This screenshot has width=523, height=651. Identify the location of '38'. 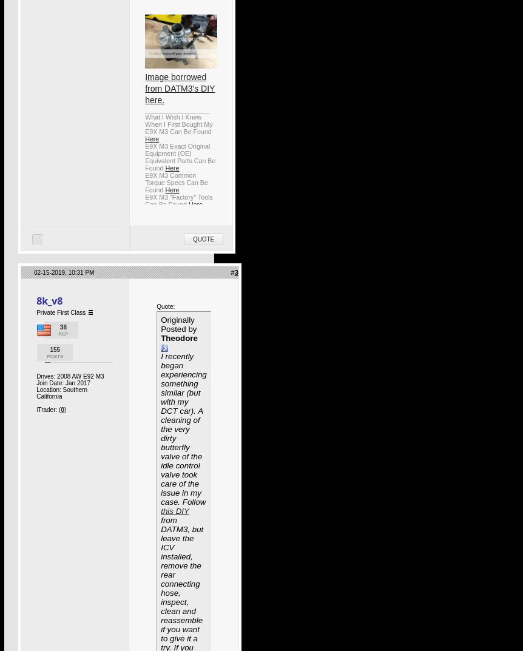
(62, 327).